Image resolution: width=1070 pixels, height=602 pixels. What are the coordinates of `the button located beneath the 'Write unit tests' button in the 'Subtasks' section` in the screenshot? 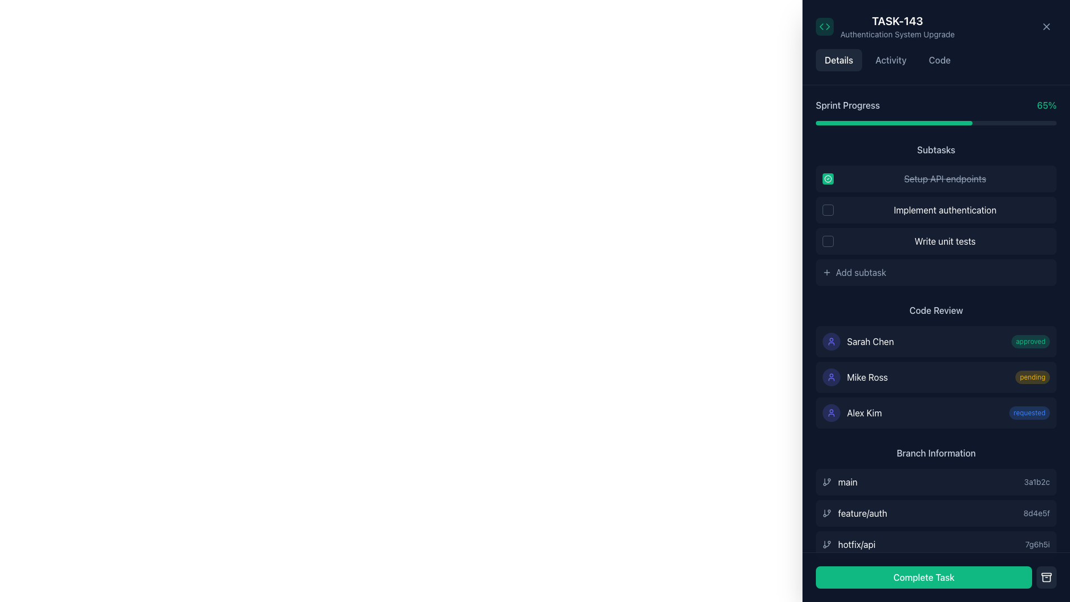 It's located at (936, 273).